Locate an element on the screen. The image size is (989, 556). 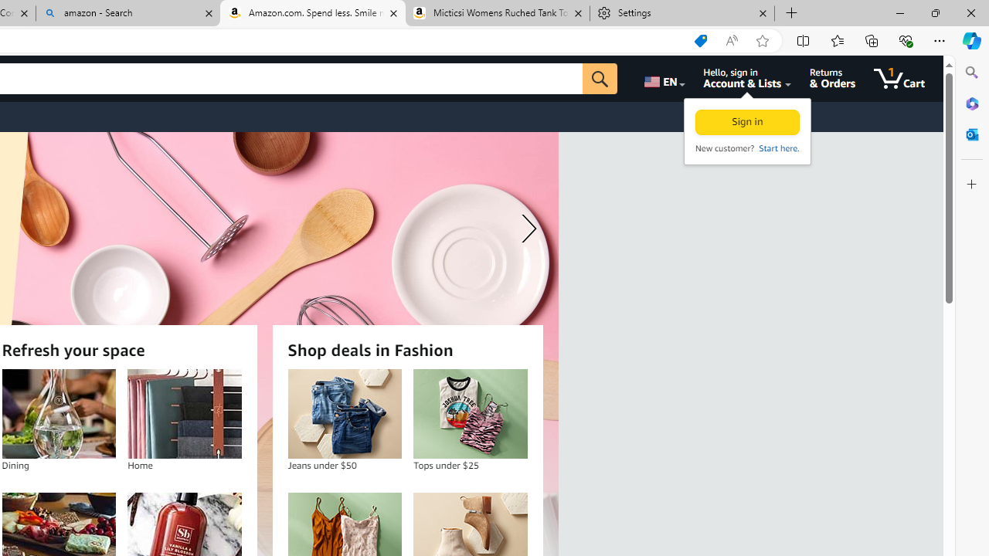
'Returns & Orders' is located at coordinates (831, 78).